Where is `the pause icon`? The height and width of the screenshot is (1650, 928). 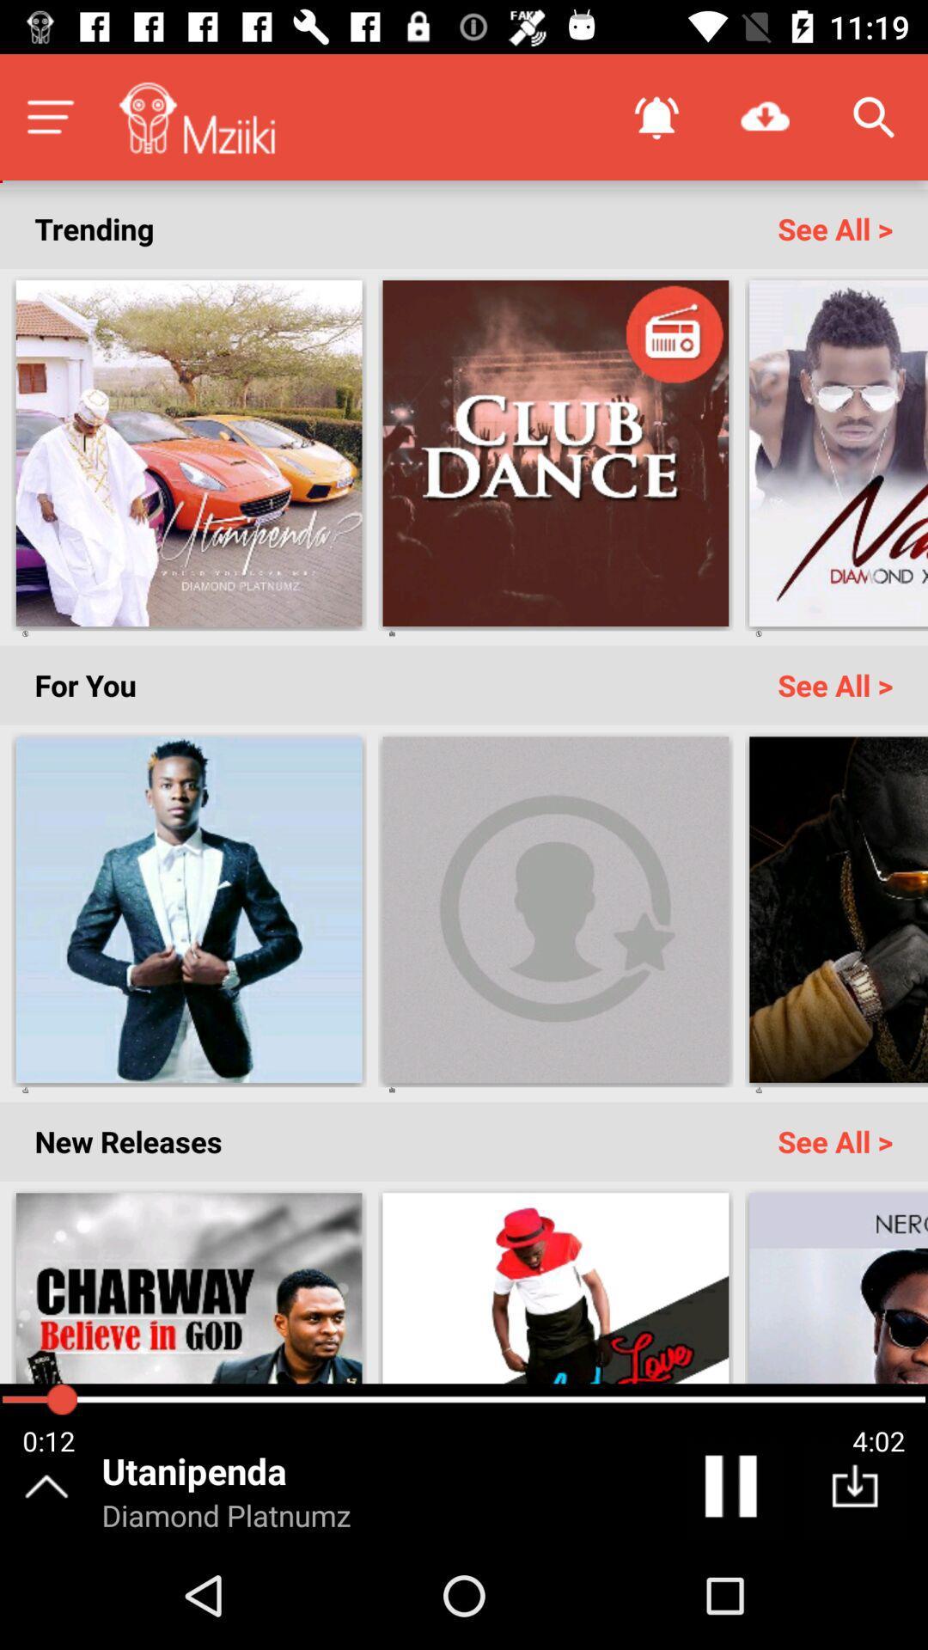 the pause icon is located at coordinates (734, 1489).